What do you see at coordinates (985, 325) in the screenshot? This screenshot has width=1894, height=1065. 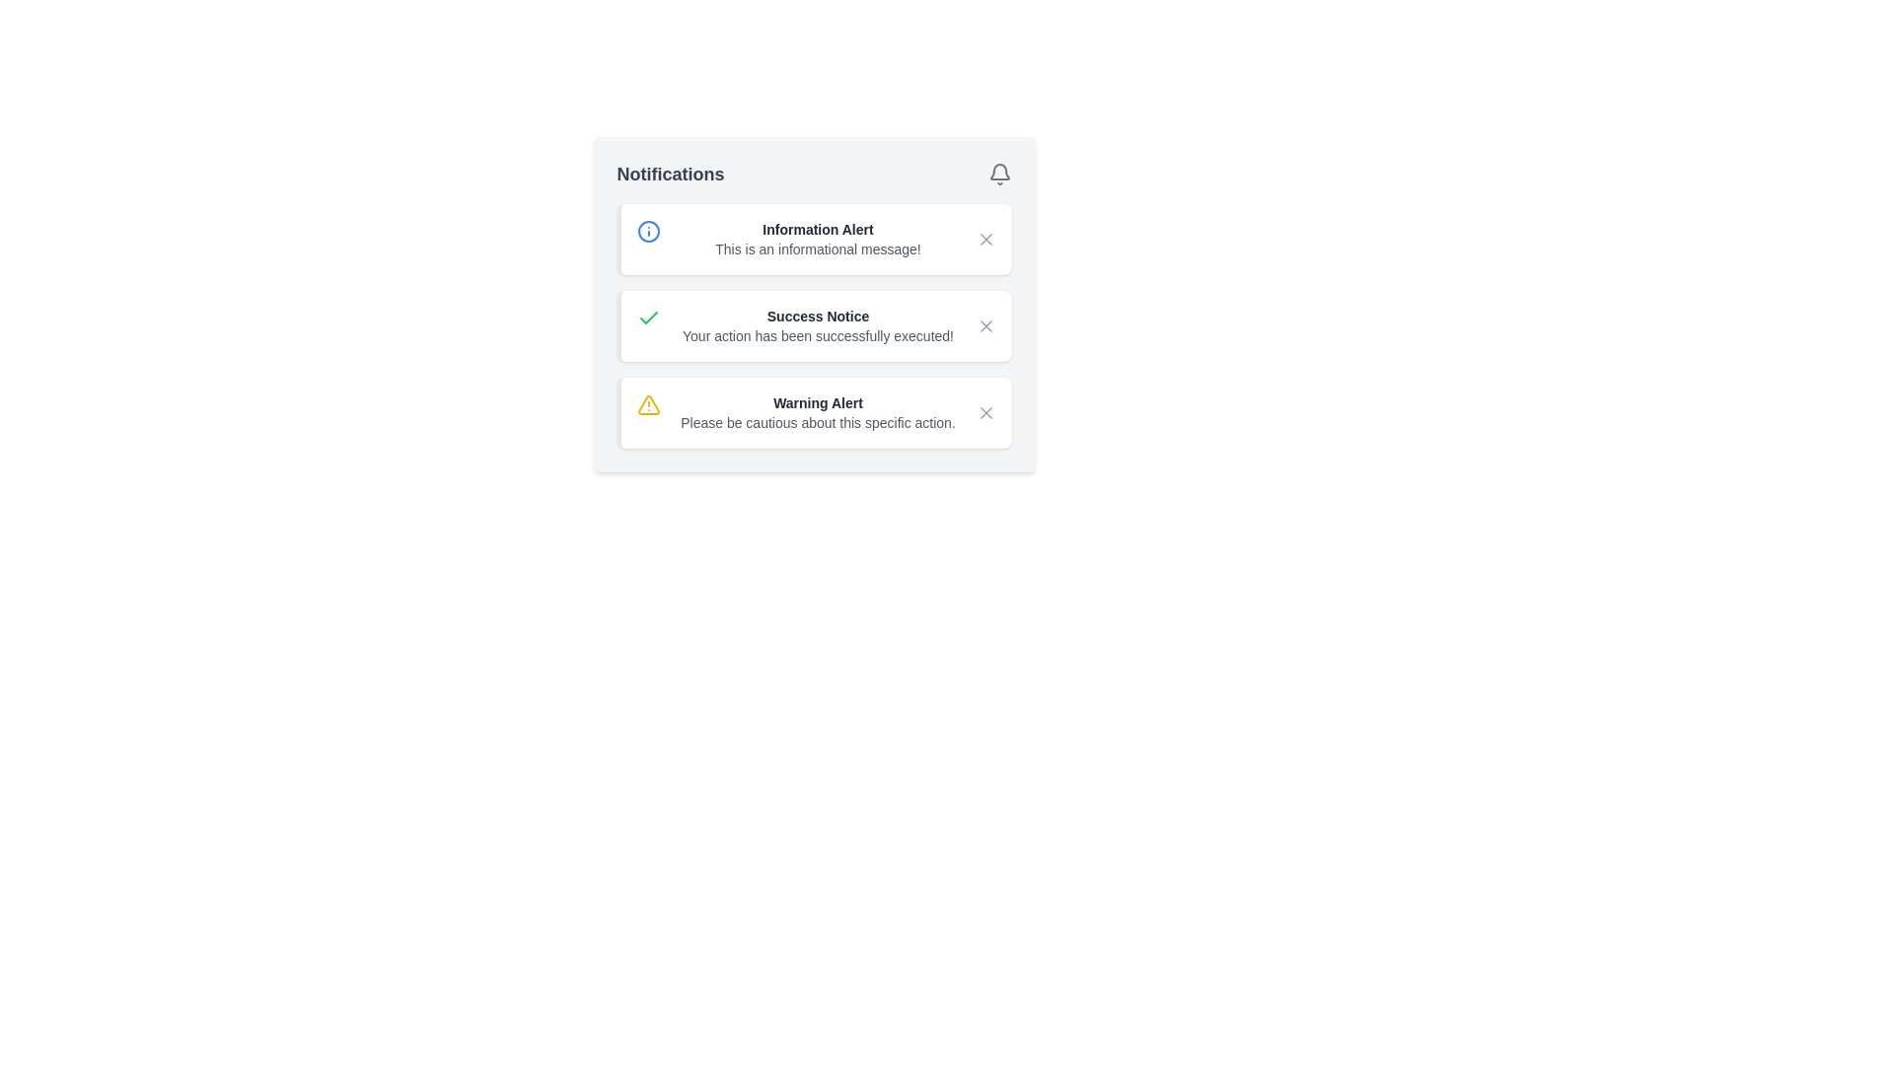 I see `the 'X' button located to the right of the 'Success Notice' notification` at bounding box center [985, 325].